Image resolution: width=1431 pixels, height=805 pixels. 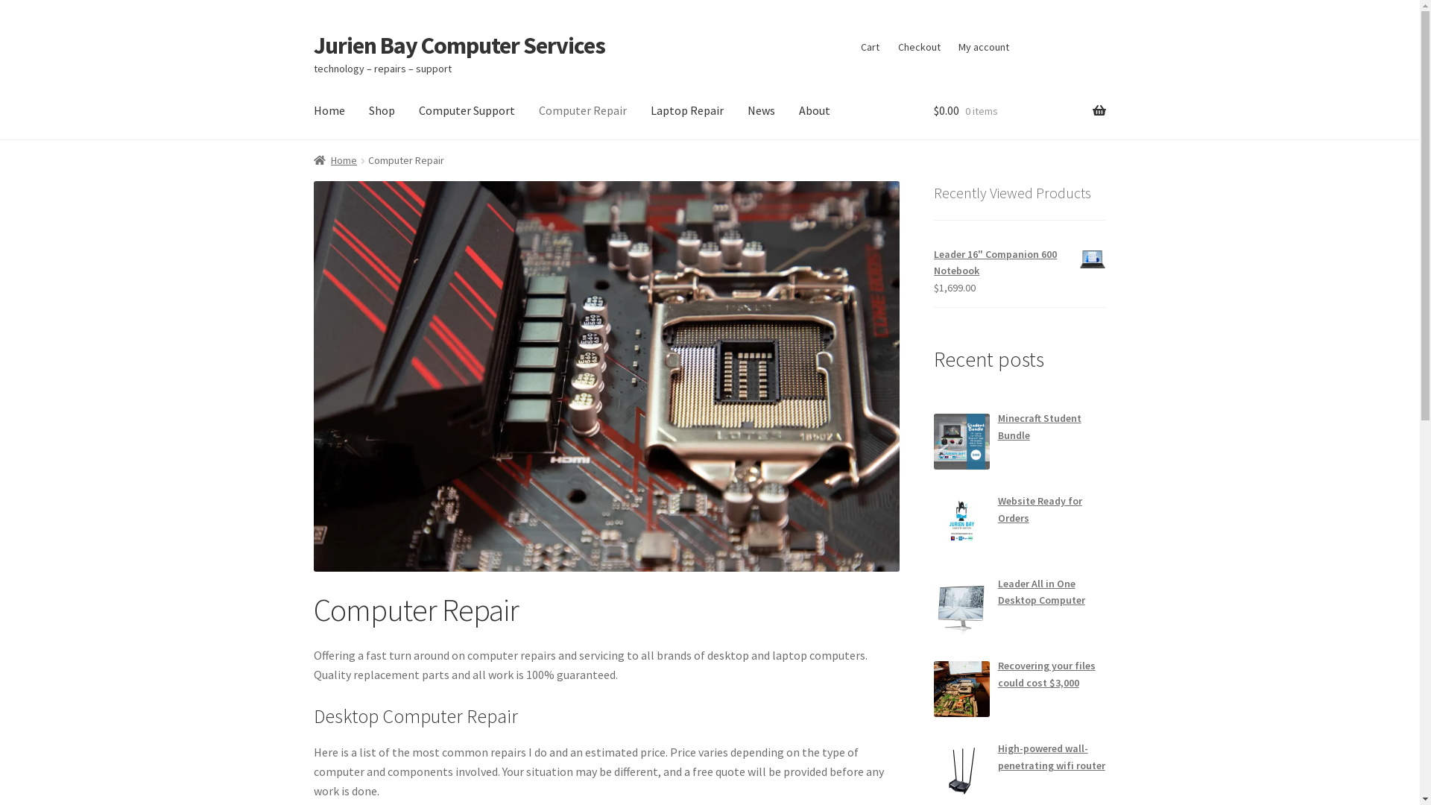 What do you see at coordinates (1051, 757) in the screenshot?
I see `'High-powered wall-penetrating wifi router'` at bounding box center [1051, 757].